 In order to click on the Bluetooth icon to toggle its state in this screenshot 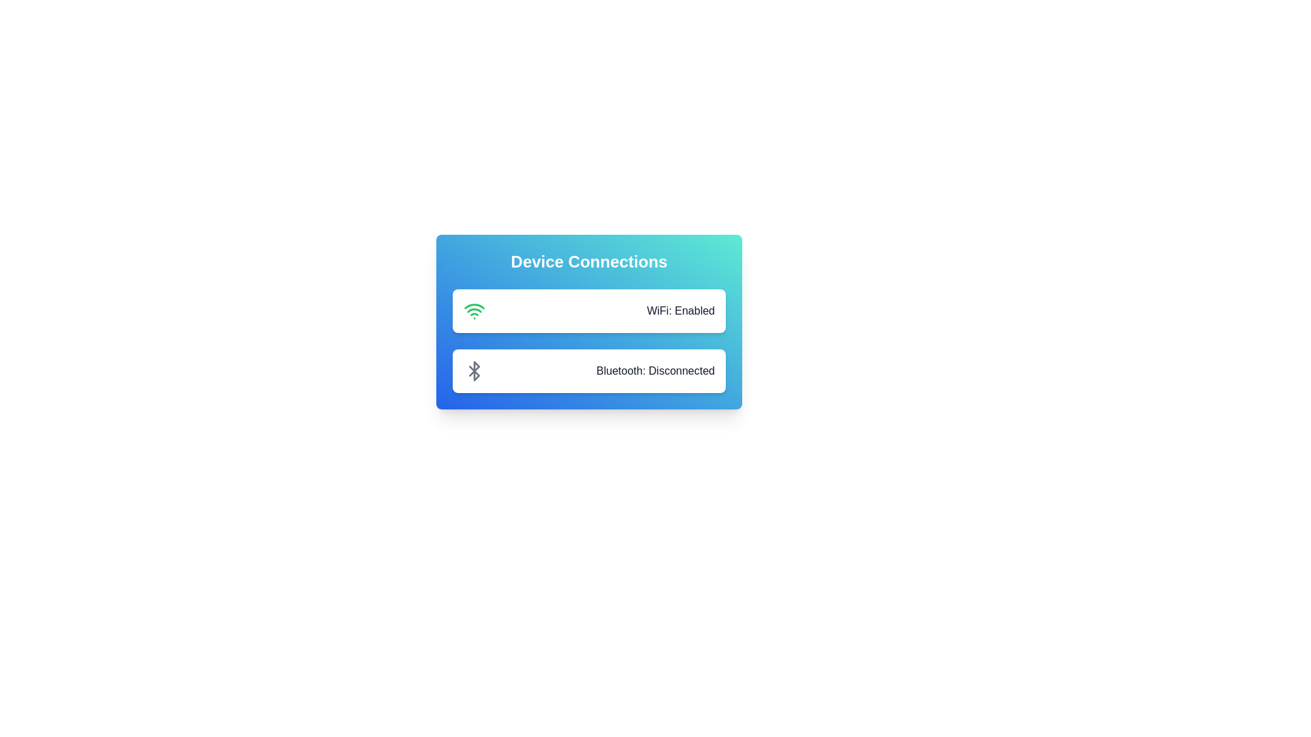, I will do `click(475, 371)`.